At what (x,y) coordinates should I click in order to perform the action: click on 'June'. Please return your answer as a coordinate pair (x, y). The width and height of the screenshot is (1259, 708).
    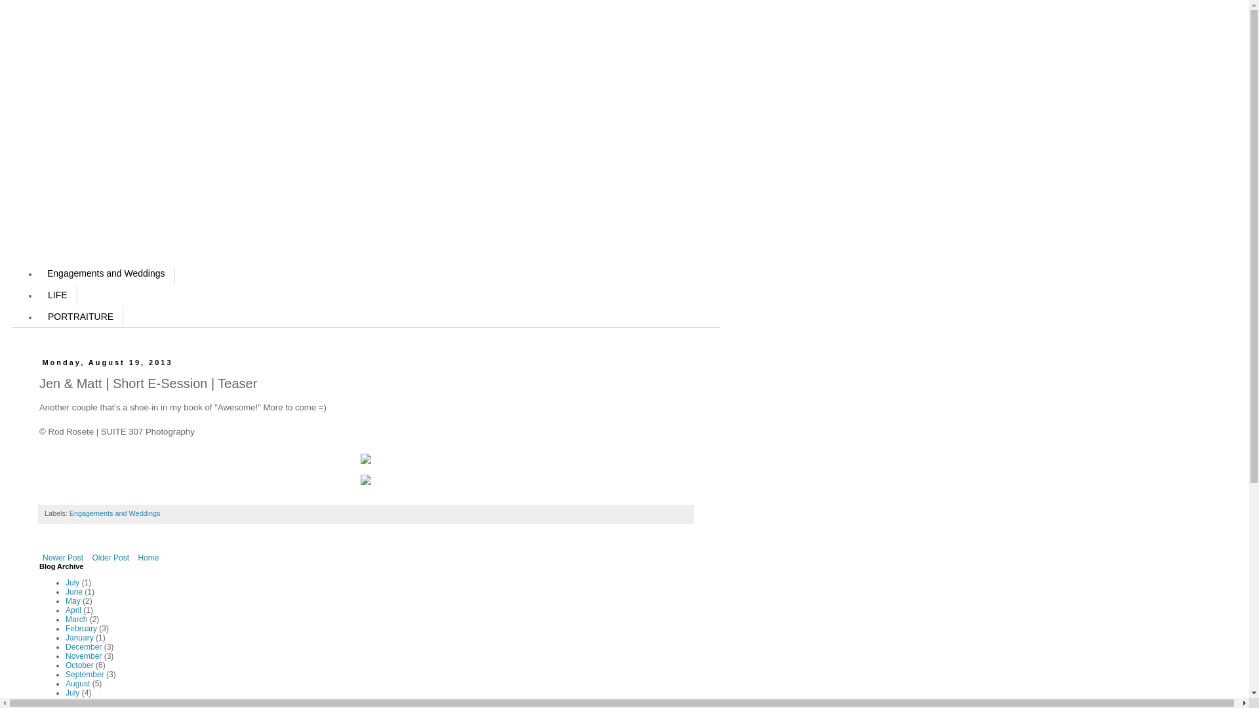
    Looking at the image, I should click on (73, 701).